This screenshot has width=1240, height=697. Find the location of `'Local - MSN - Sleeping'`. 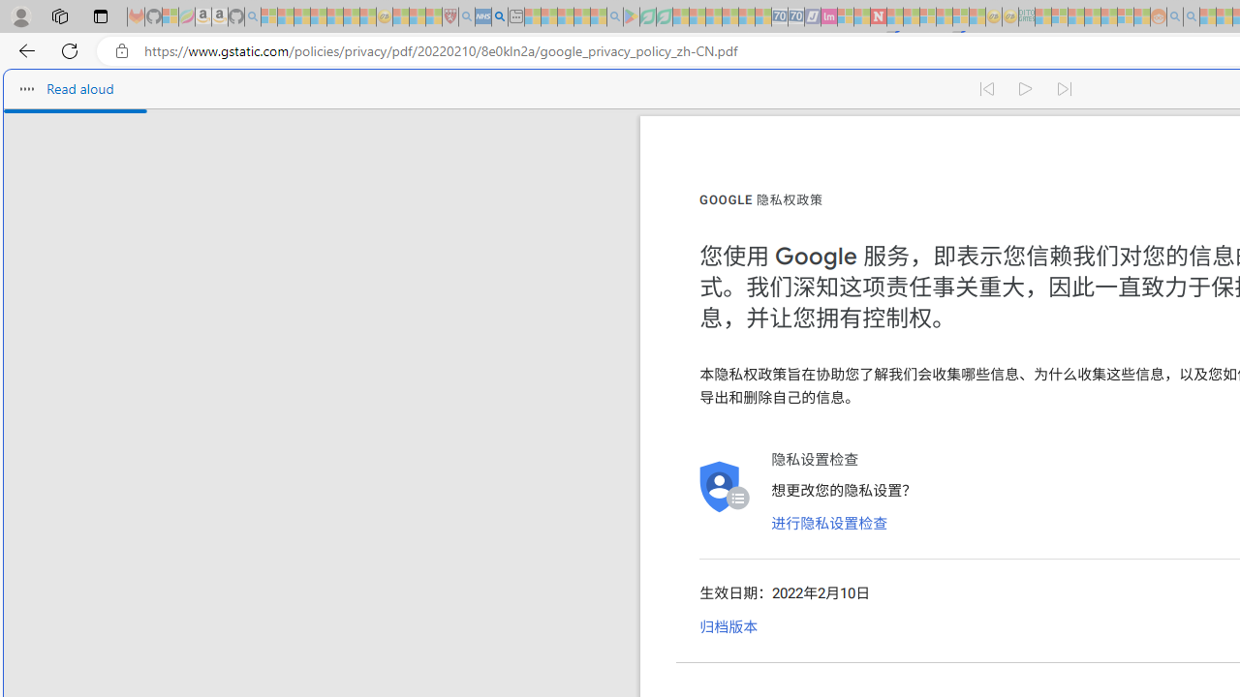

'Local - MSN - Sleeping' is located at coordinates (433, 16).